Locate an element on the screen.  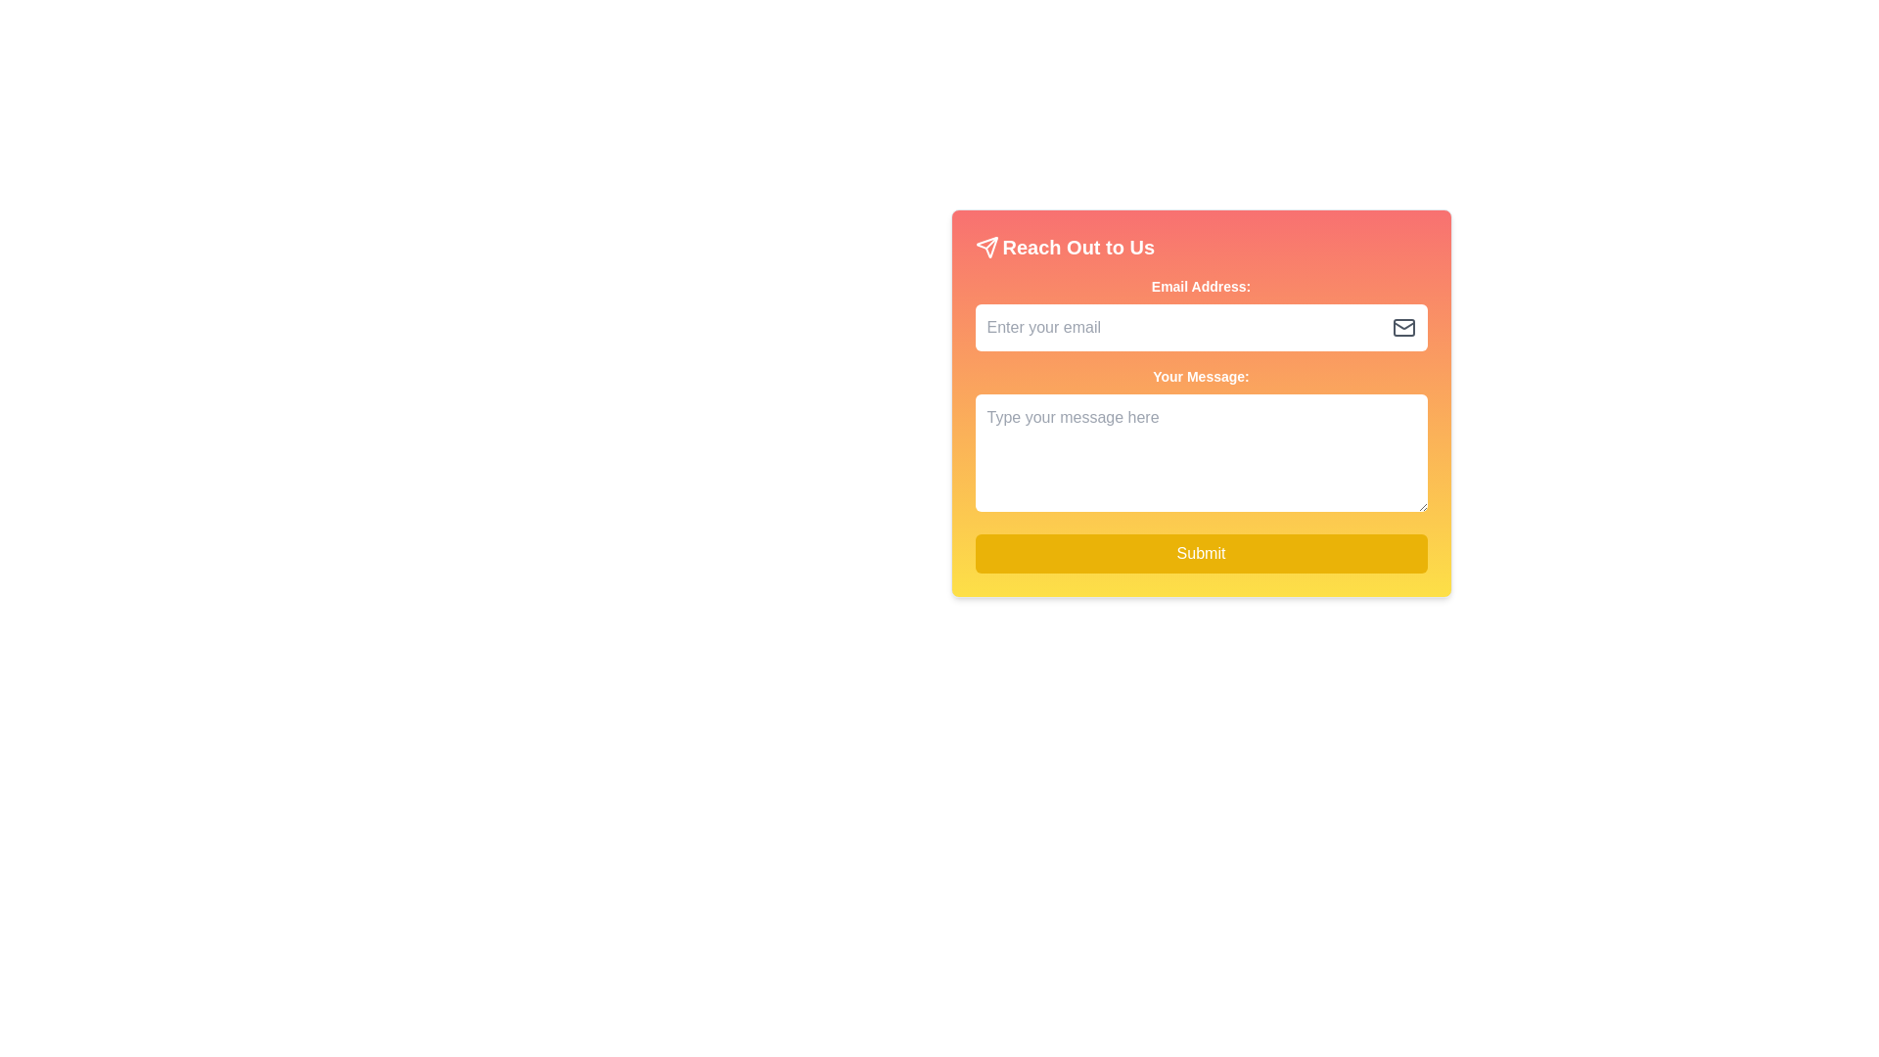
the envelope icon, which is part of the SVG graphic located at the top-right corner of the form, to activate the tooltip or animation is located at coordinates (1402, 324).